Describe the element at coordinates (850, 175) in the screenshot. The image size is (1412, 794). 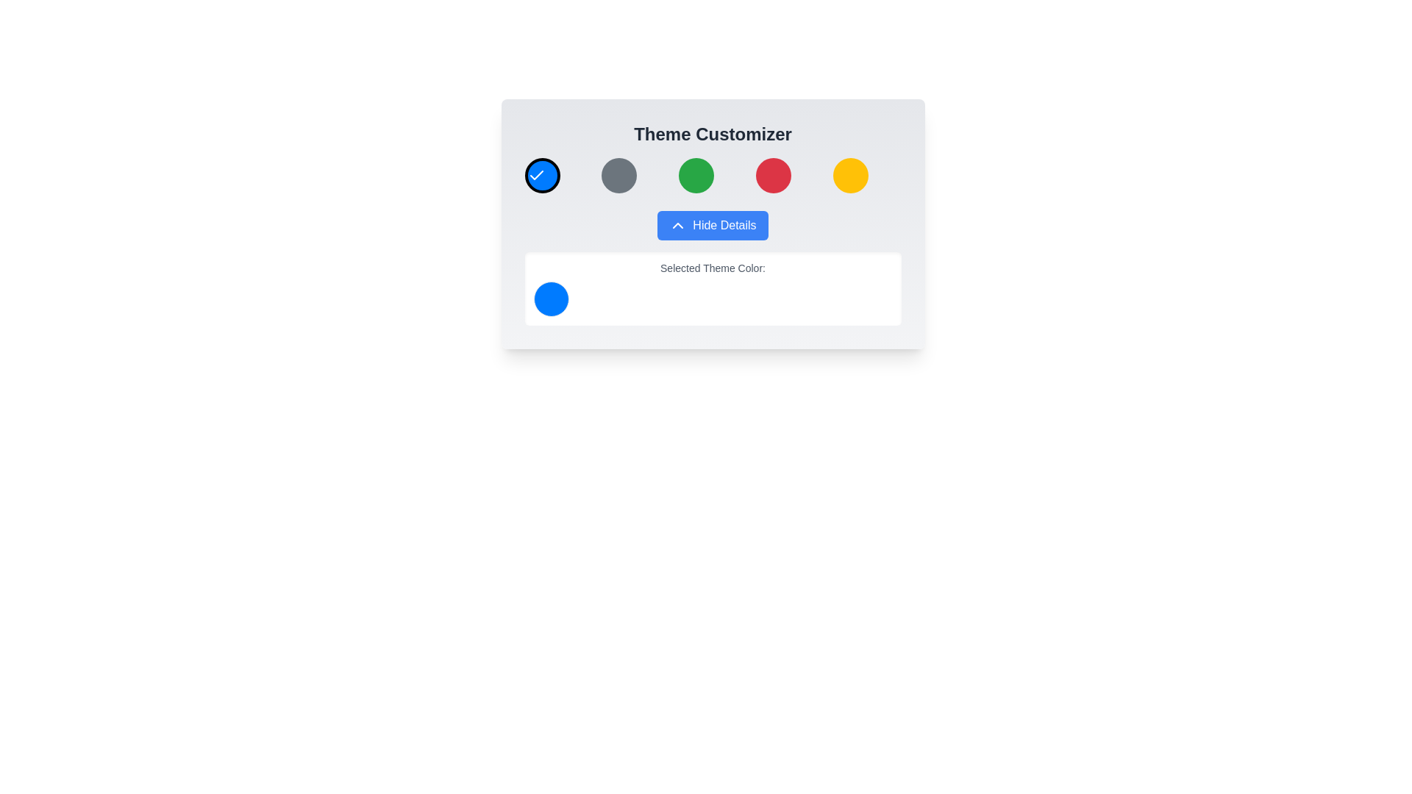
I see `the vibrant orange circular button, the fifth in the row within the 'Theme Customizer' section, to change the theme color` at that location.